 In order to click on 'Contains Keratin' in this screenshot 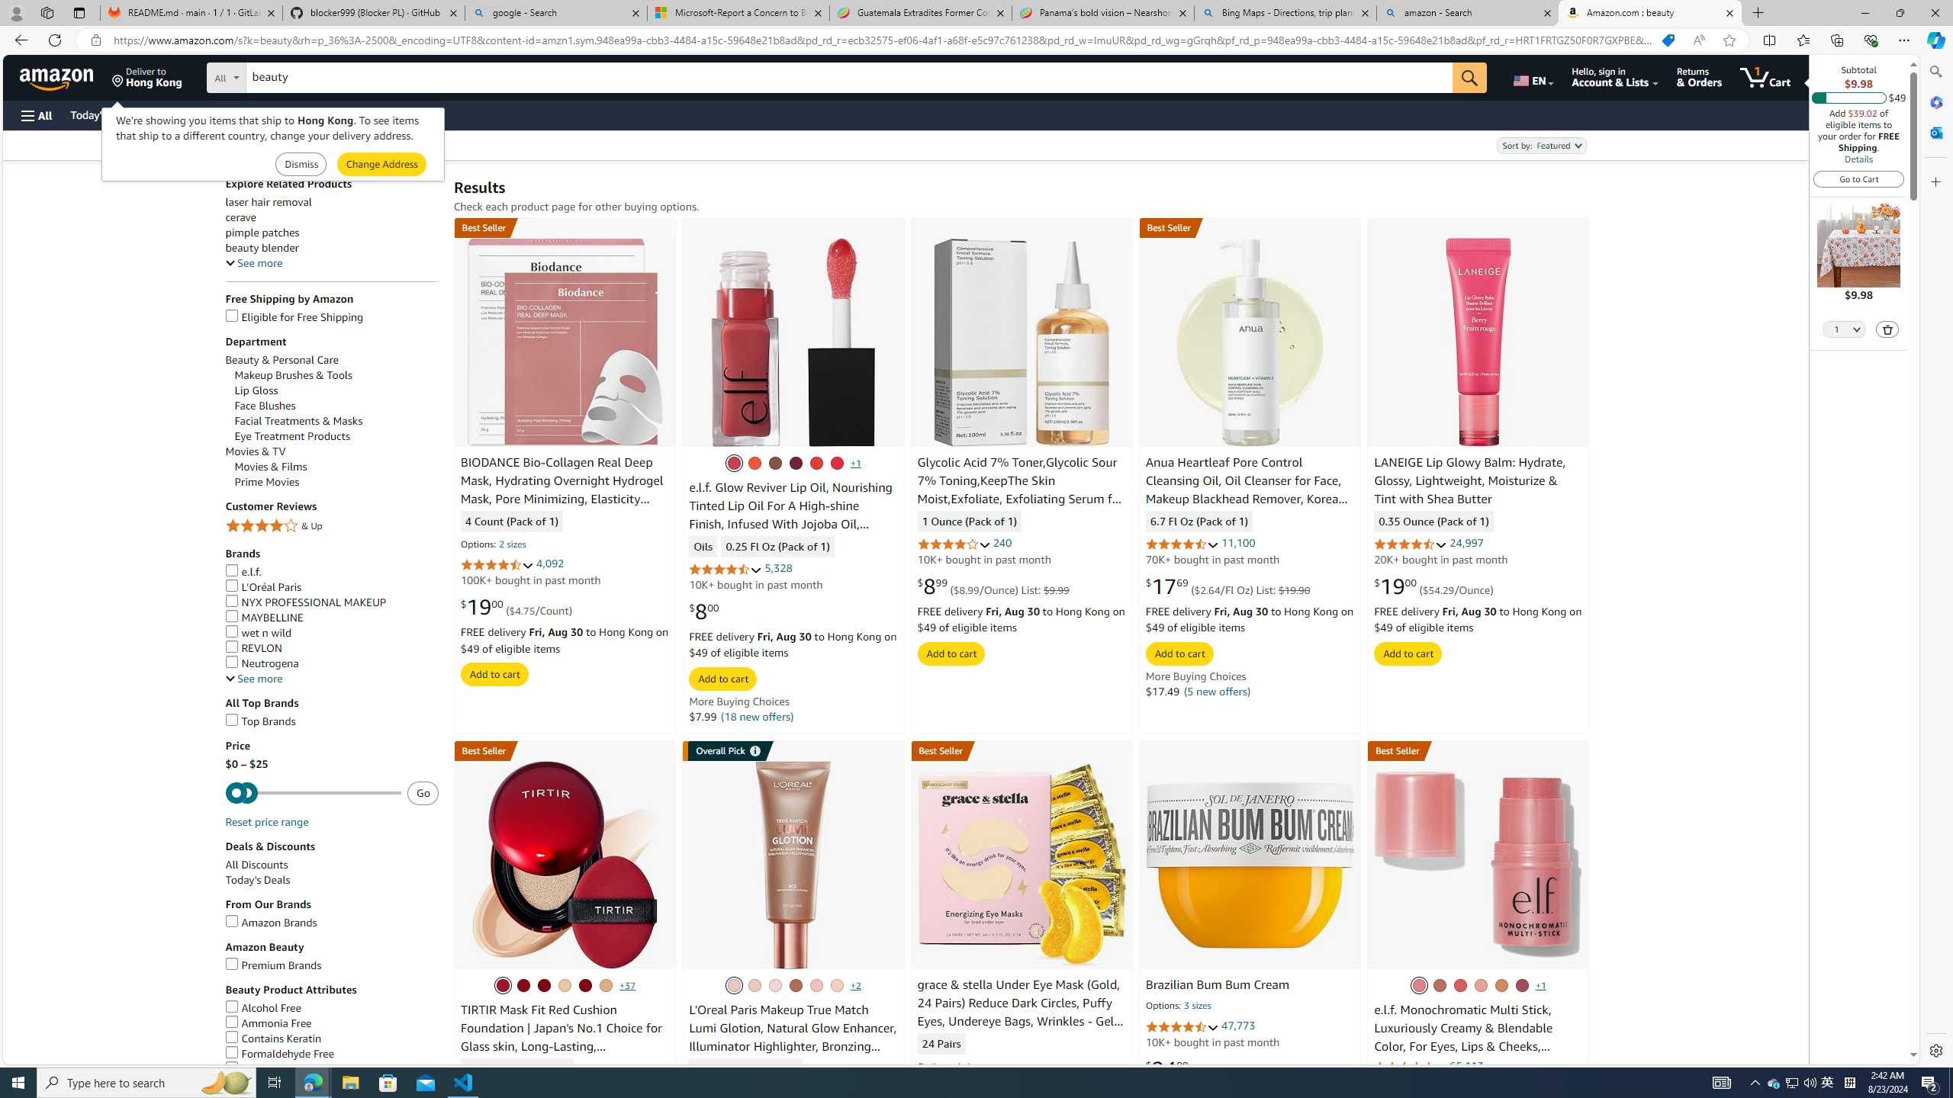, I will do `click(332, 1039)`.